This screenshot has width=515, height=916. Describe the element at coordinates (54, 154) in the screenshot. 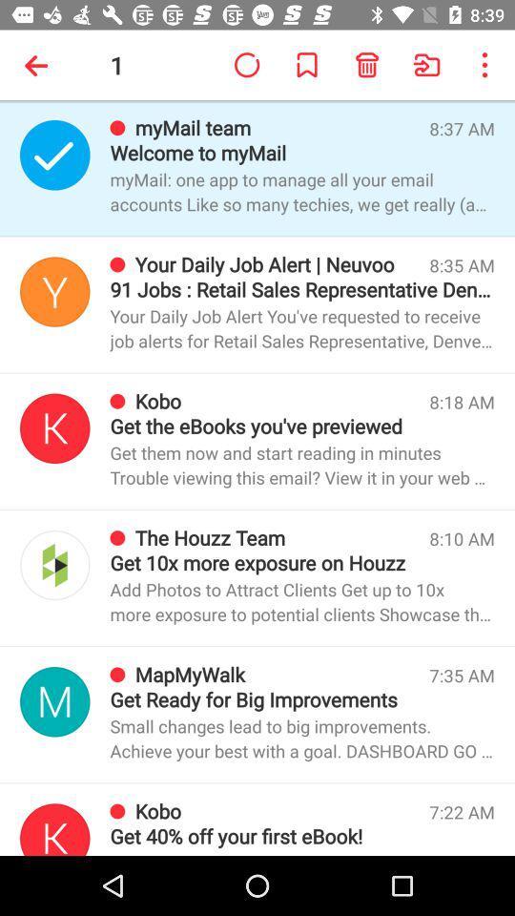

I see `the check icon` at that location.